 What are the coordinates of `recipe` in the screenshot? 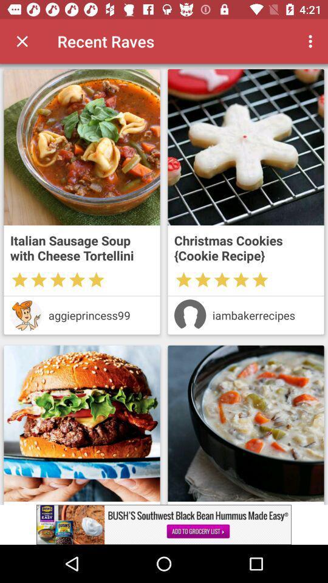 It's located at (246, 423).